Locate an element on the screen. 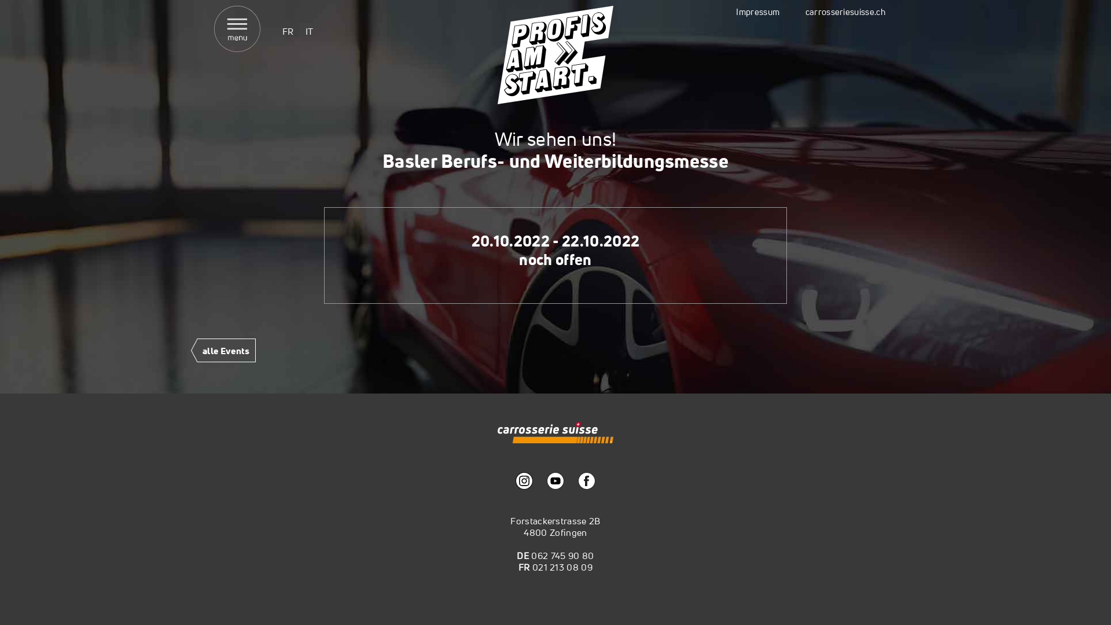 Image resolution: width=1111 pixels, height=625 pixels. 'FR' is located at coordinates (288, 31).